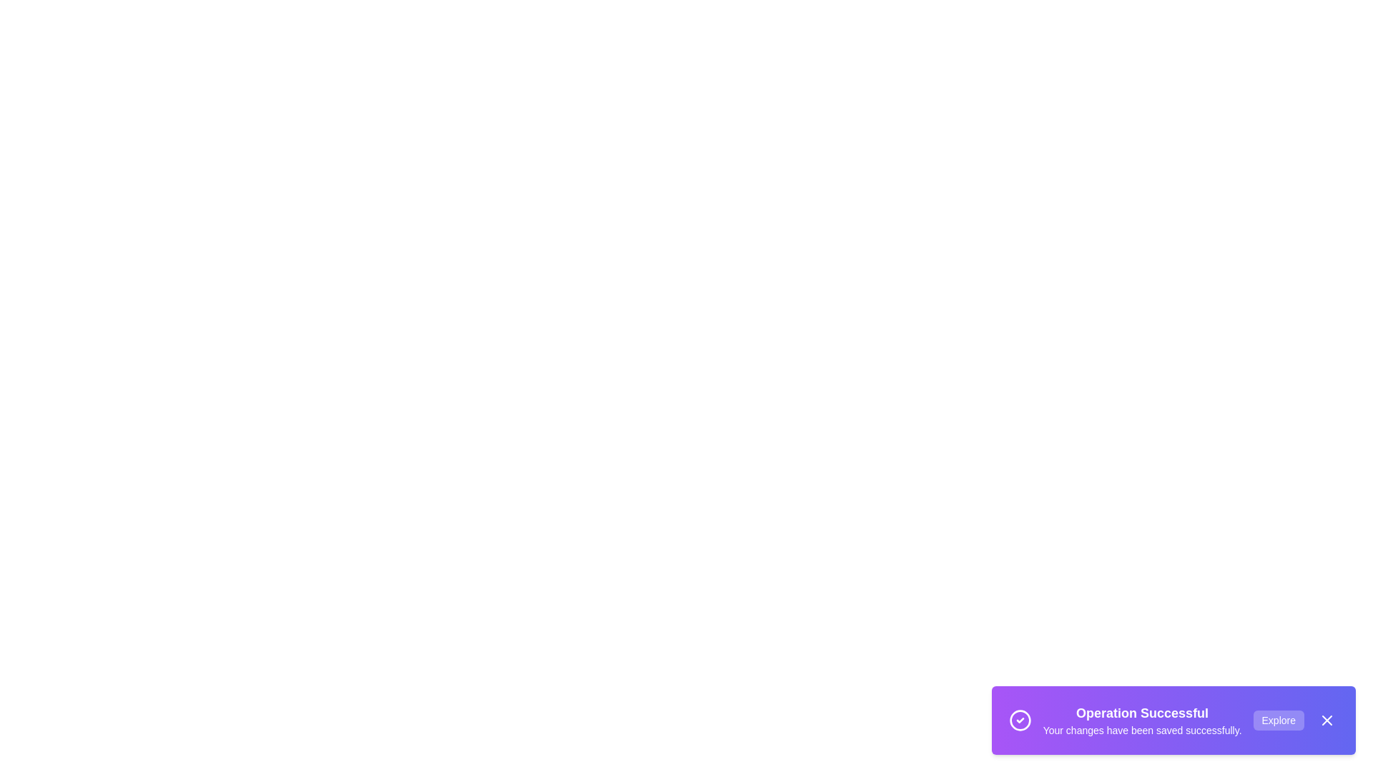  What do you see at coordinates (1019, 720) in the screenshot?
I see `the icon to visually inspect its context` at bounding box center [1019, 720].